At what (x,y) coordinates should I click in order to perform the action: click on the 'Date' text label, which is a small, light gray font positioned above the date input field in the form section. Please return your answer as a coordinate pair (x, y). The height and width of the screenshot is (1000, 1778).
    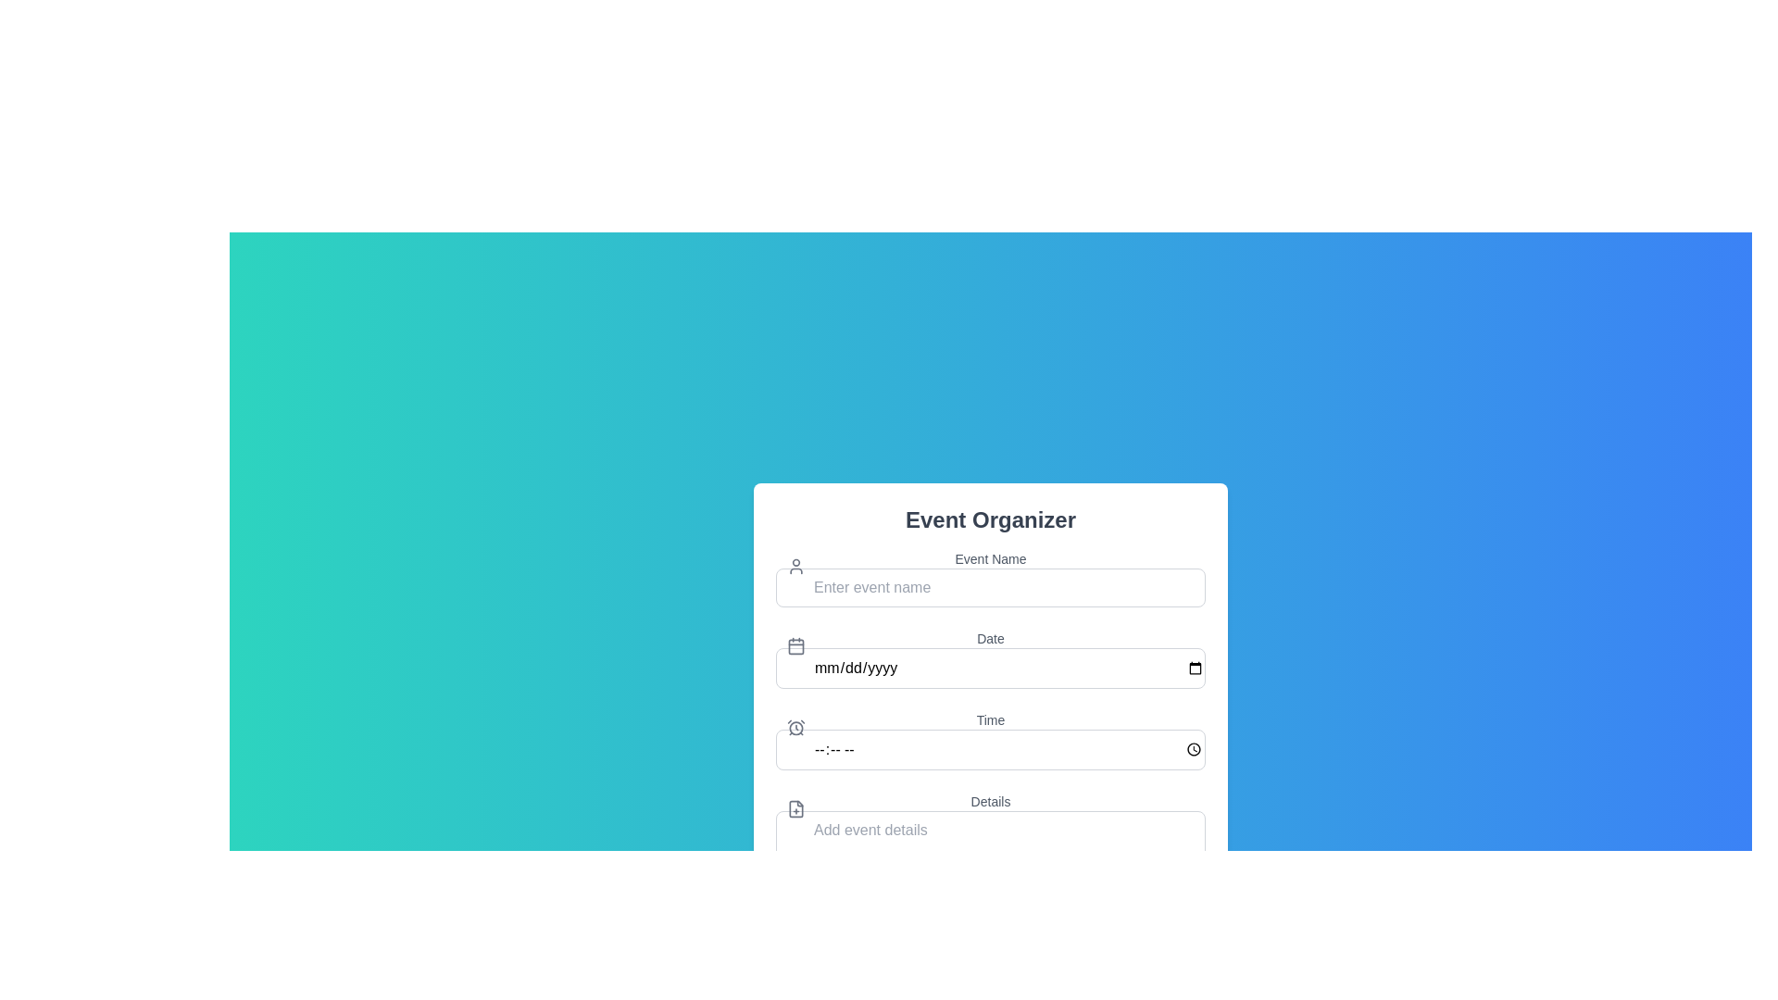
    Looking at the image, I should click on (990, 637).